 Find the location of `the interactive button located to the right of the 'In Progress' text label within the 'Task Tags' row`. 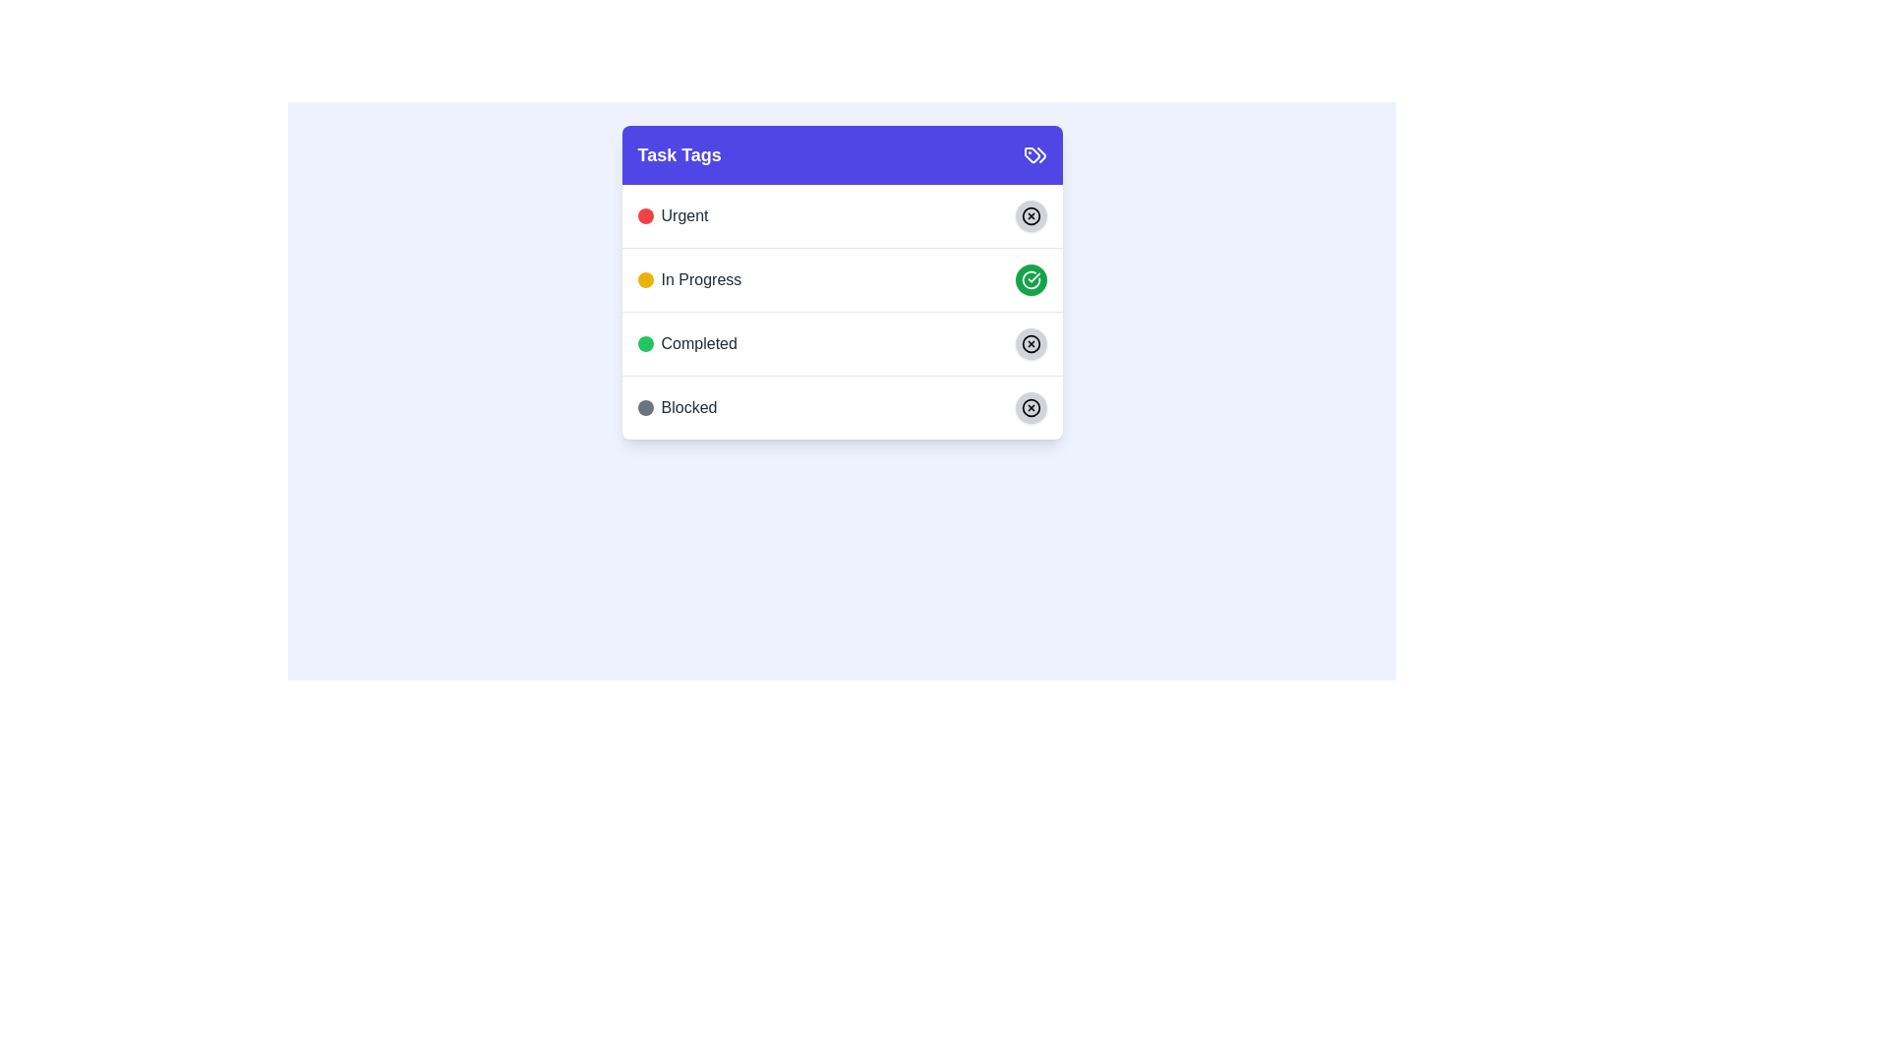

the interactive button located to the right of the 'In Progress' text label within the 'Task Tags' row is located at coordinates (1030, 280).